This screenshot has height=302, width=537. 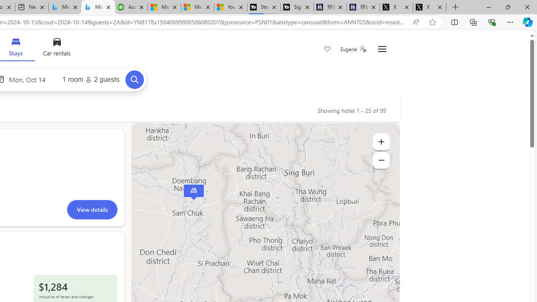 What do you see at coordinates (197, 7) in the screenshot?
I see `'Microsoft Start'` at bounding box center [197, 7].